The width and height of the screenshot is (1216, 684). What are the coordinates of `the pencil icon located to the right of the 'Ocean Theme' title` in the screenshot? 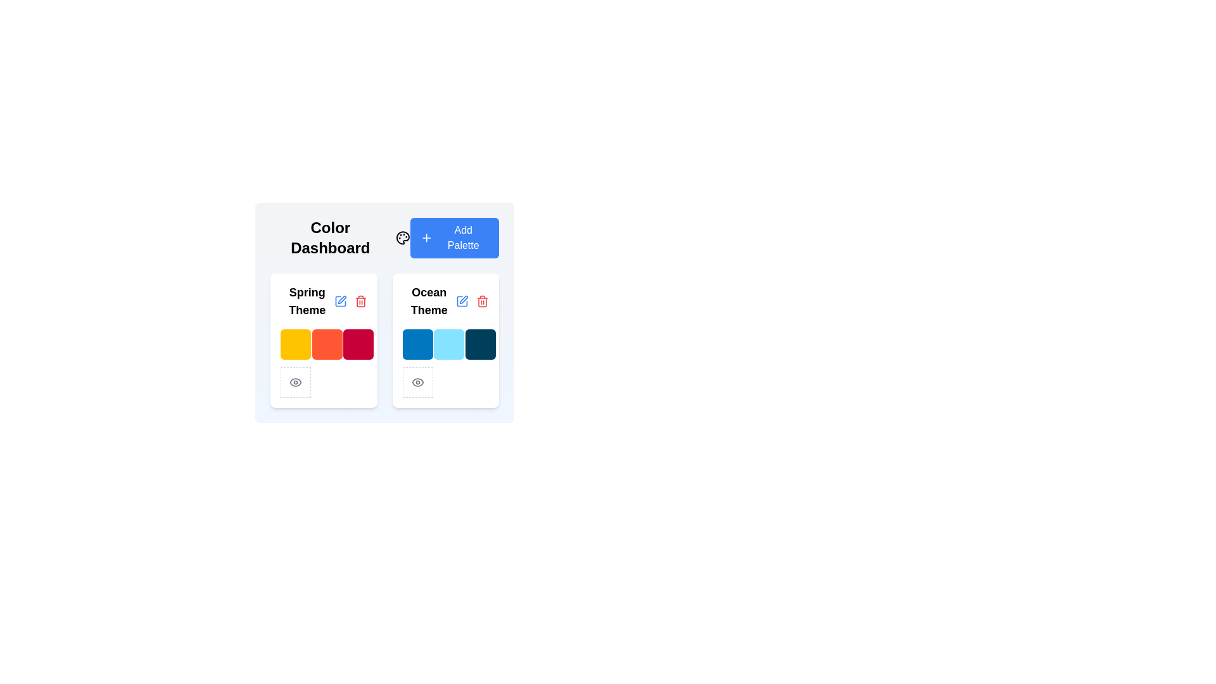 It's located at (461, 301).